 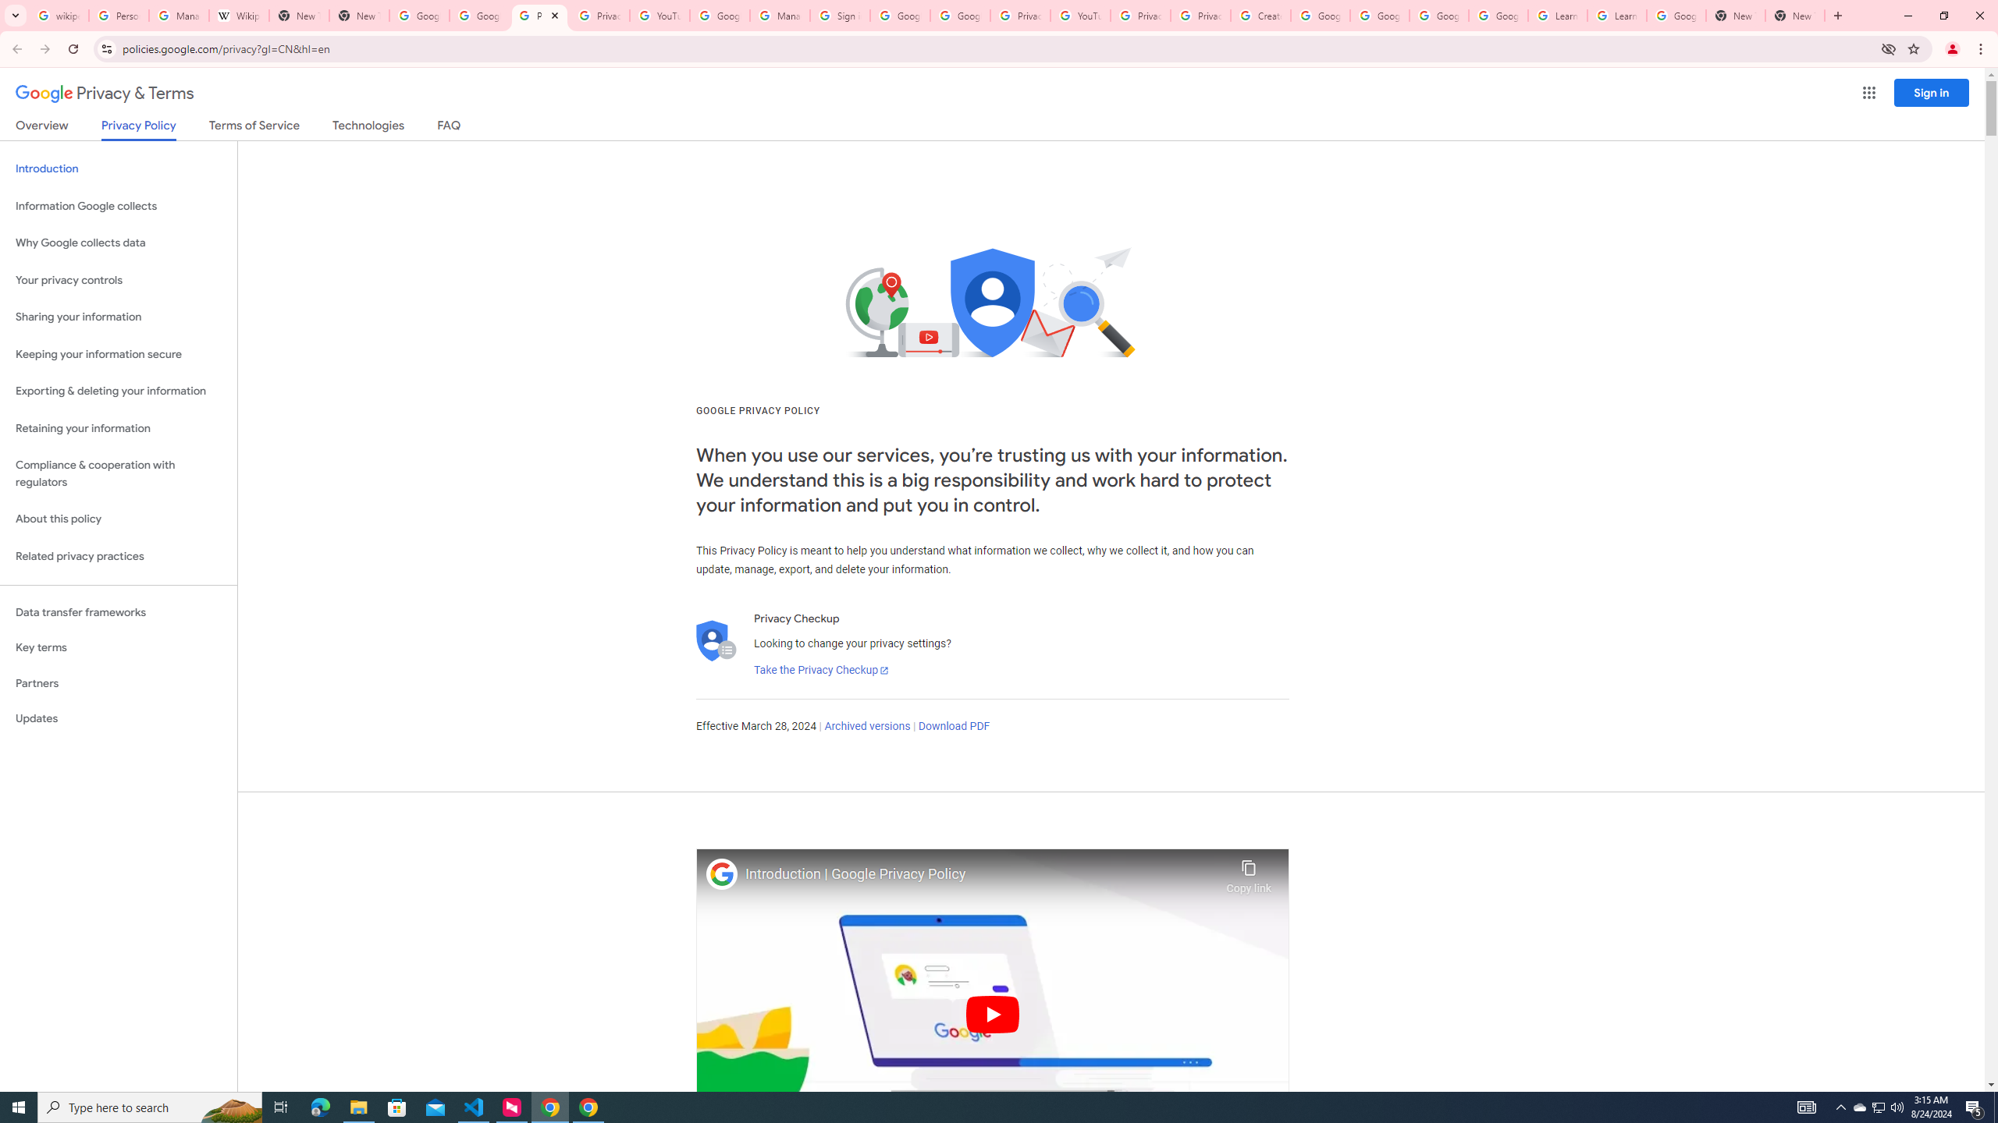 I want to click on 'Take the Privacy Checkup', so click(x=820, y=669).